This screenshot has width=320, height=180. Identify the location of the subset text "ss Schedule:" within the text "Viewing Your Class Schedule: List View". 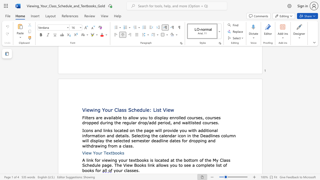
(121, 109).